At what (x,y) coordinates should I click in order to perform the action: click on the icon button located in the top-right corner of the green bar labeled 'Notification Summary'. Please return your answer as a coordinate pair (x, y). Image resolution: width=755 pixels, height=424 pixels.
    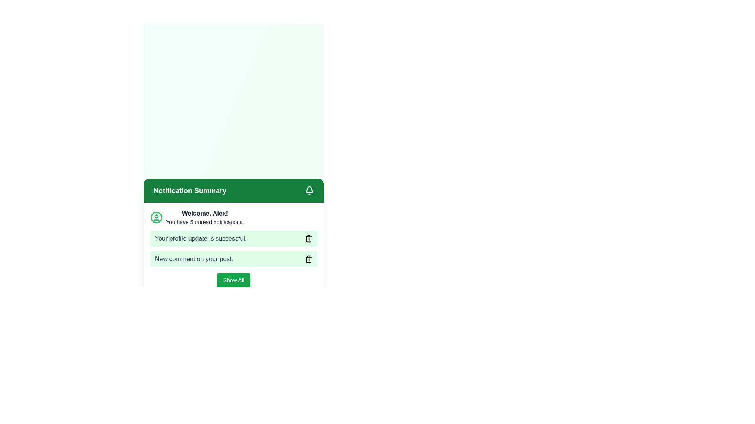
    Looking at the image, I should click on (309, 191).